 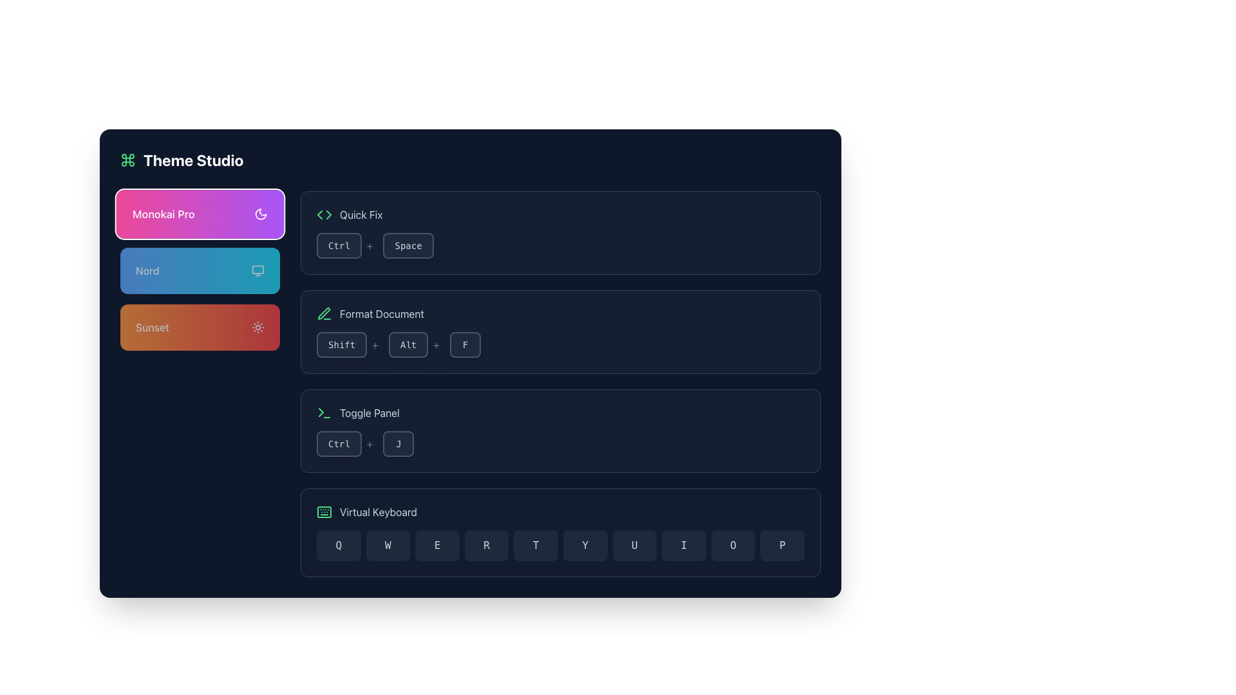 What do you see at coordinates (560, 331) in the screenshot?
I see `the command option to format a document, located centrally between the 'Quick Fix' block and the 'Toggle Panel' block` at bounding box center [560, 331].